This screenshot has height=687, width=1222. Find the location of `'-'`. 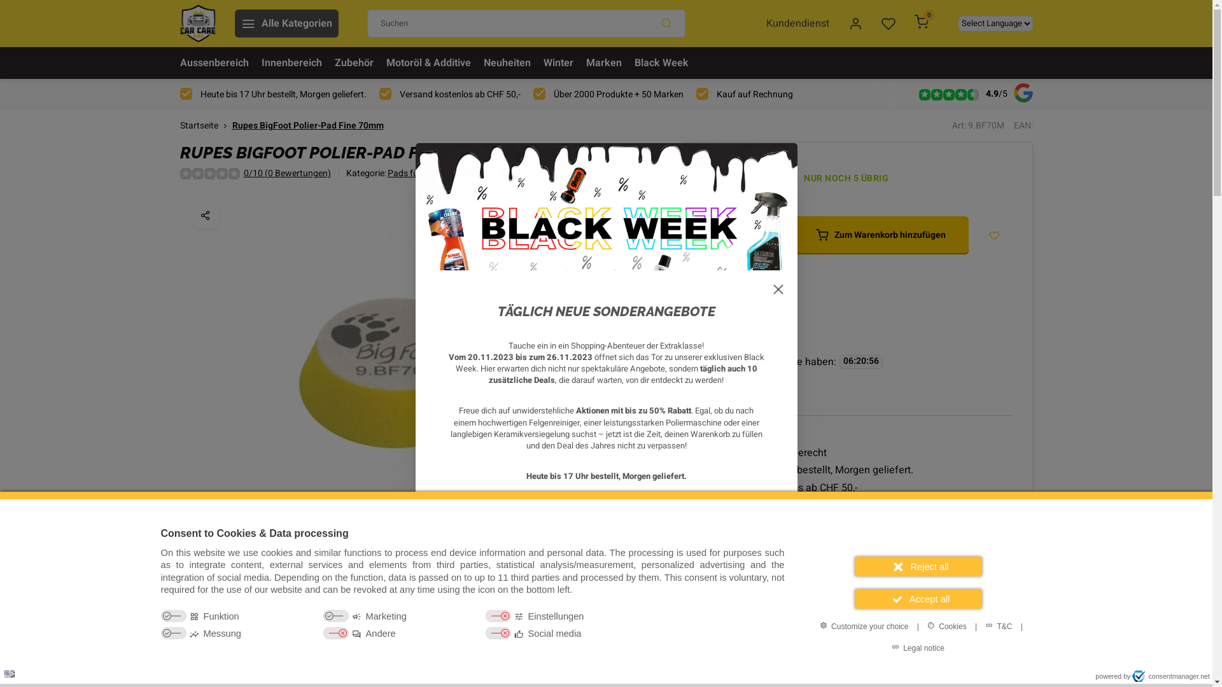

'-' is located at coordinates (715, 235).